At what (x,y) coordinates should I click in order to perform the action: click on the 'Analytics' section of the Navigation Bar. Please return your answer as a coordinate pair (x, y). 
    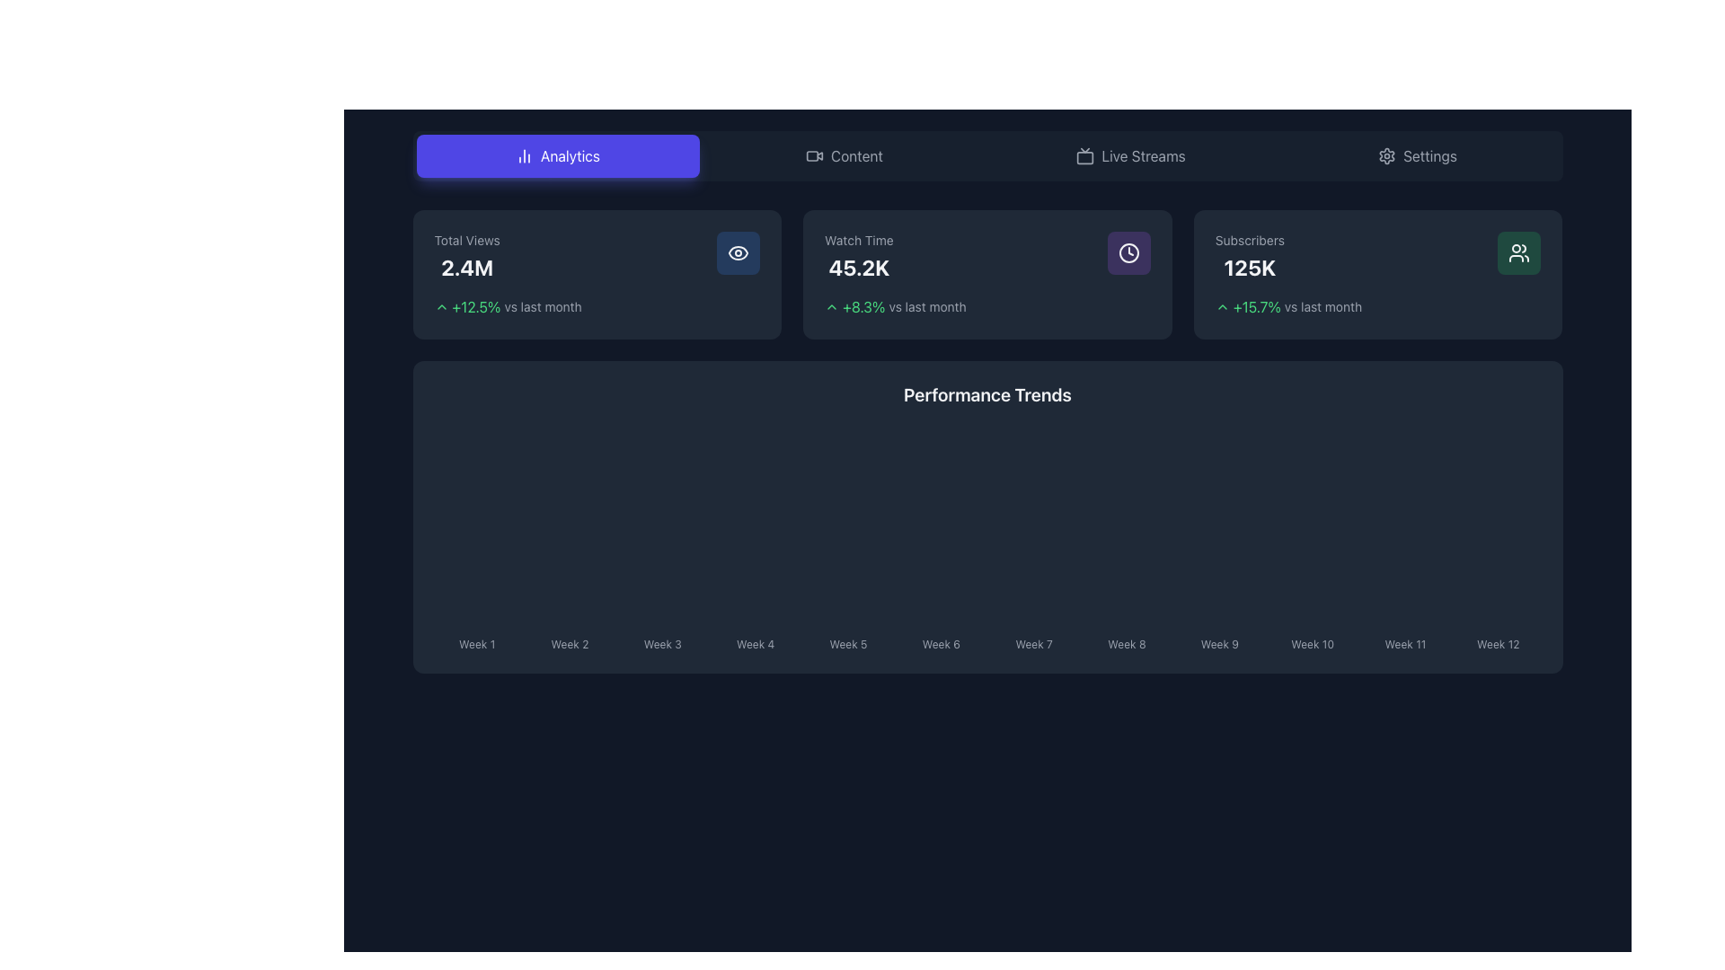
    Looking at the image, I should click on (986, 154).